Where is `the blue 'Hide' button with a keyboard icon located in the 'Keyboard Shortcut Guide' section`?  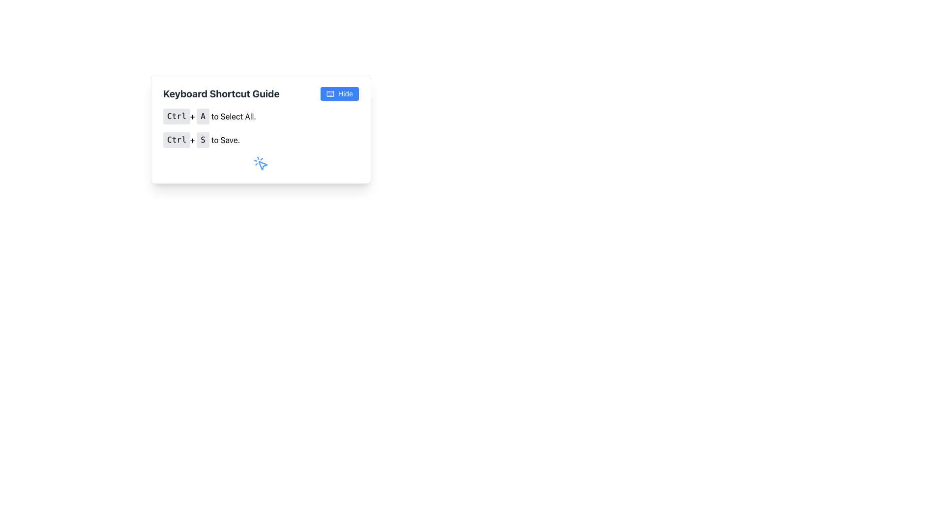
the blue 'Hide' button with a keyboard icon located in the 'Keyboard Shortcut Guide' section is located at coordinates (340, 94).